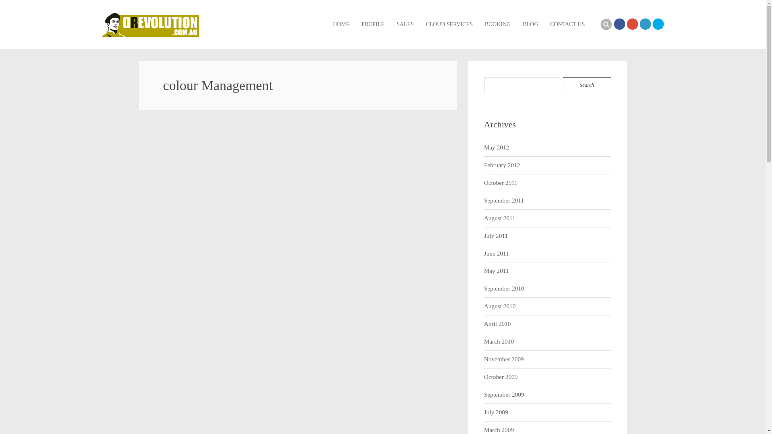  Describe the element at coordinates (522, 85) in the screenshot. I see `'Search for:'` at that location.